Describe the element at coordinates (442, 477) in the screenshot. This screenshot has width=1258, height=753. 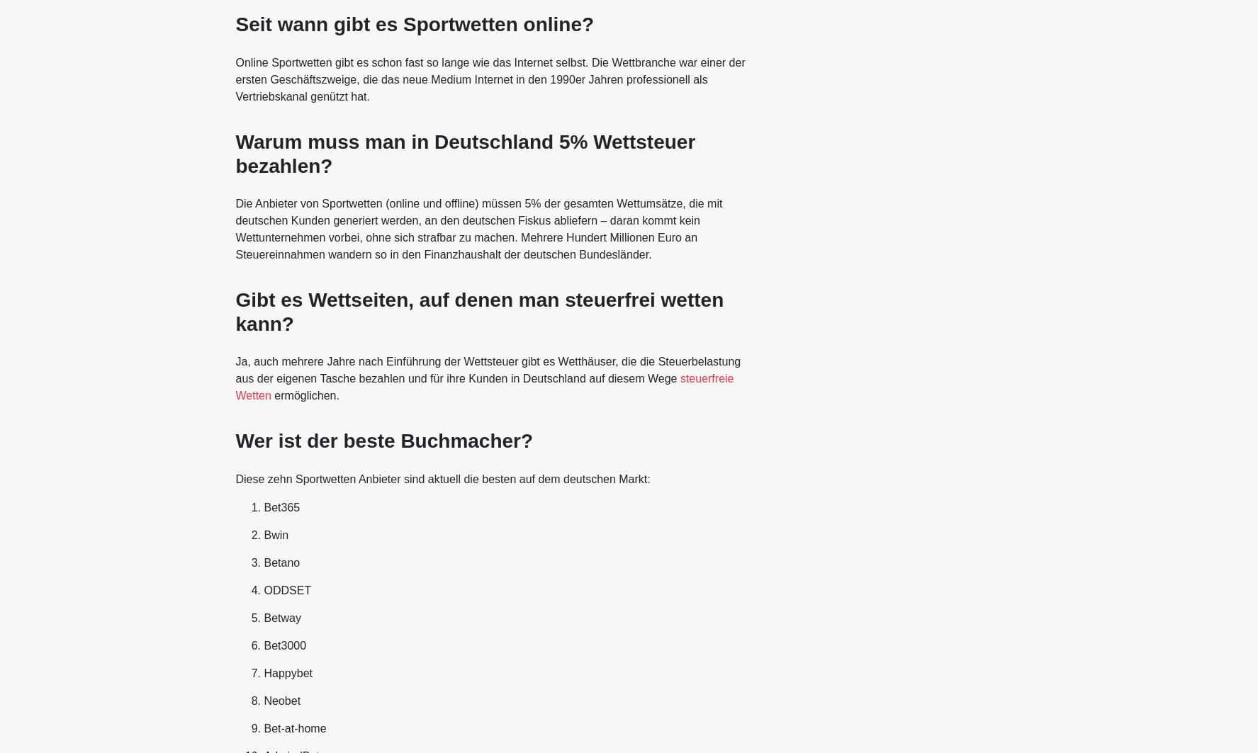
I see `'Diese zehn Sportwetten Anbieter sind aktuell die besten auf dem deutschen Markt:'` at that location.